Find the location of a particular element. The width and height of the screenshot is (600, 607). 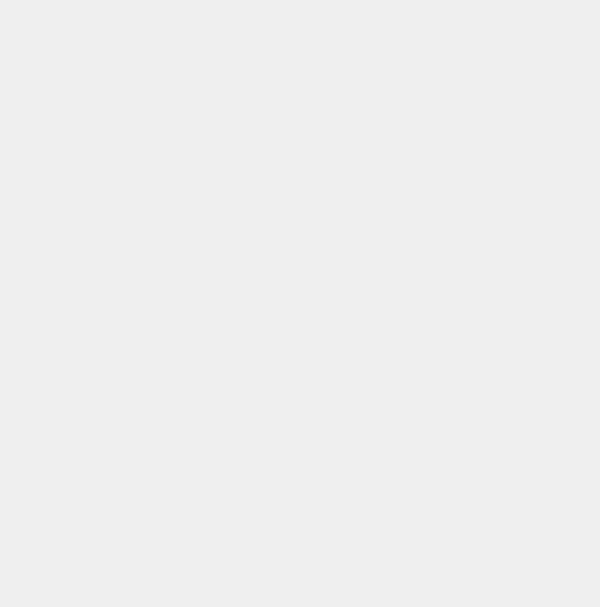

'Message' is located at coordinates (12, 220).